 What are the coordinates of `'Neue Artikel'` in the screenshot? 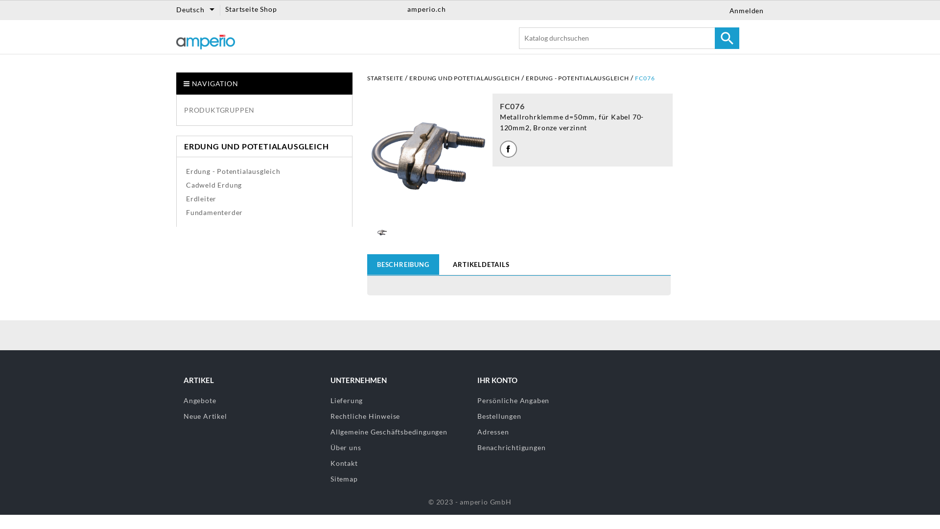 It's located at (183, 416).